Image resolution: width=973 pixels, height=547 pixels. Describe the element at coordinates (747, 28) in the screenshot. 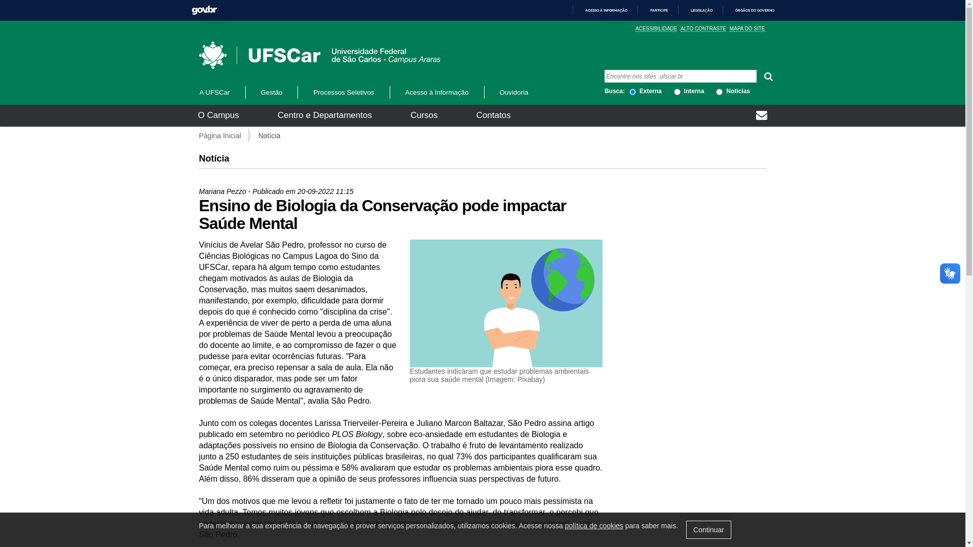

I see `'MAPA DO SITE'` at that location.